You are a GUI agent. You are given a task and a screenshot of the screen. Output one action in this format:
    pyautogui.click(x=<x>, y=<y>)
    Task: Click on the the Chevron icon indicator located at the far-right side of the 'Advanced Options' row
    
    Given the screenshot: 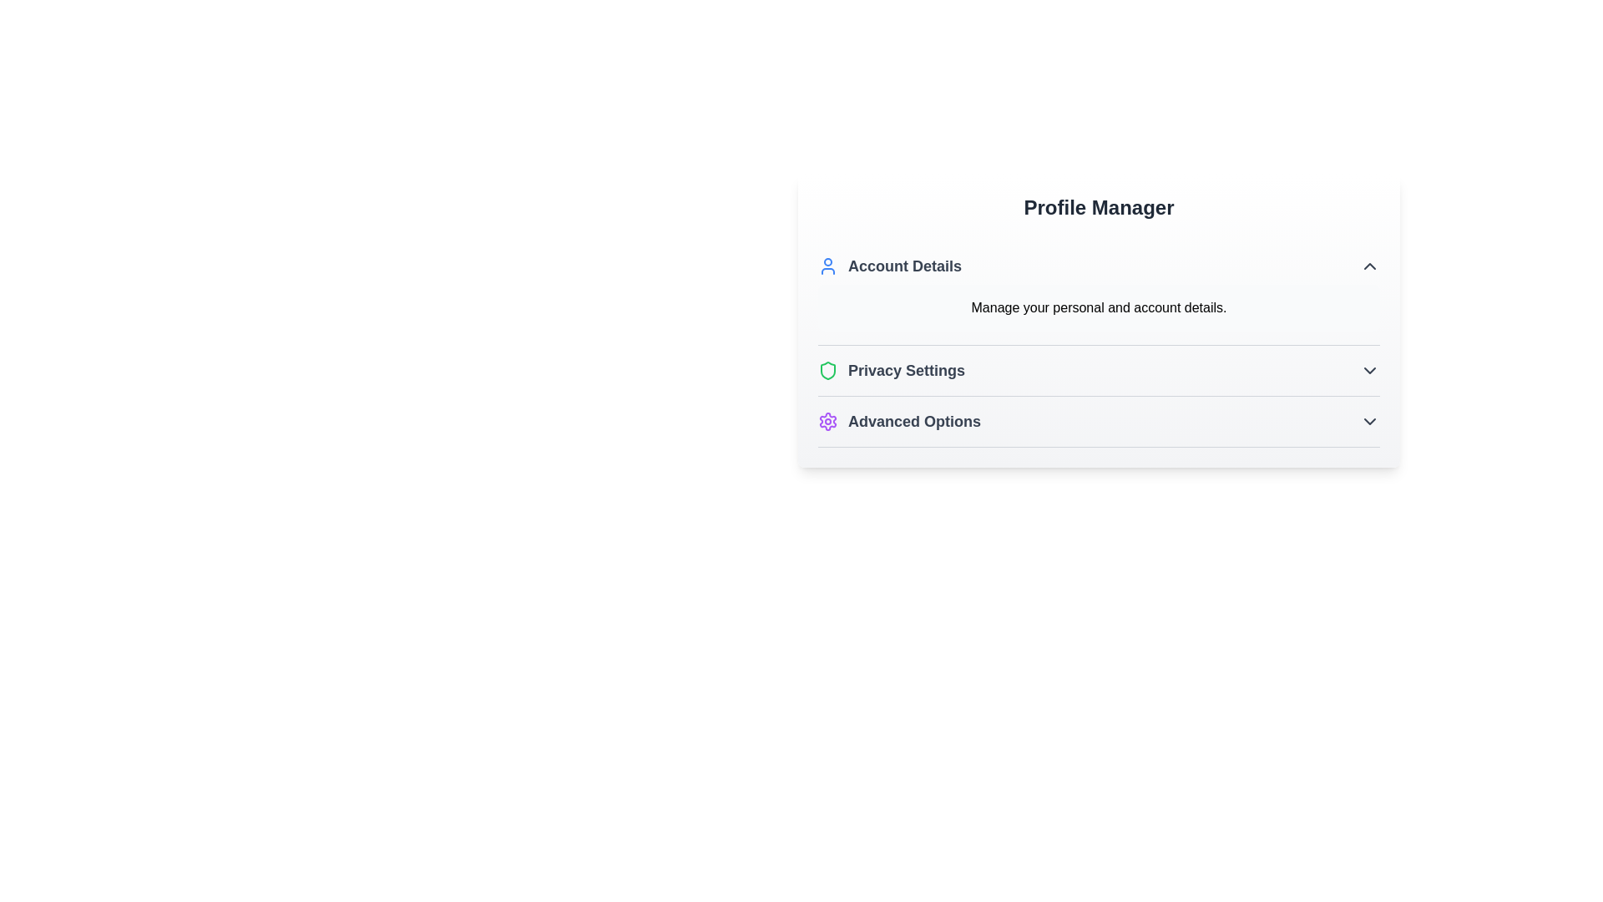 What is the action you would take?
    pyautogui.click(x=1370, y=421)
    